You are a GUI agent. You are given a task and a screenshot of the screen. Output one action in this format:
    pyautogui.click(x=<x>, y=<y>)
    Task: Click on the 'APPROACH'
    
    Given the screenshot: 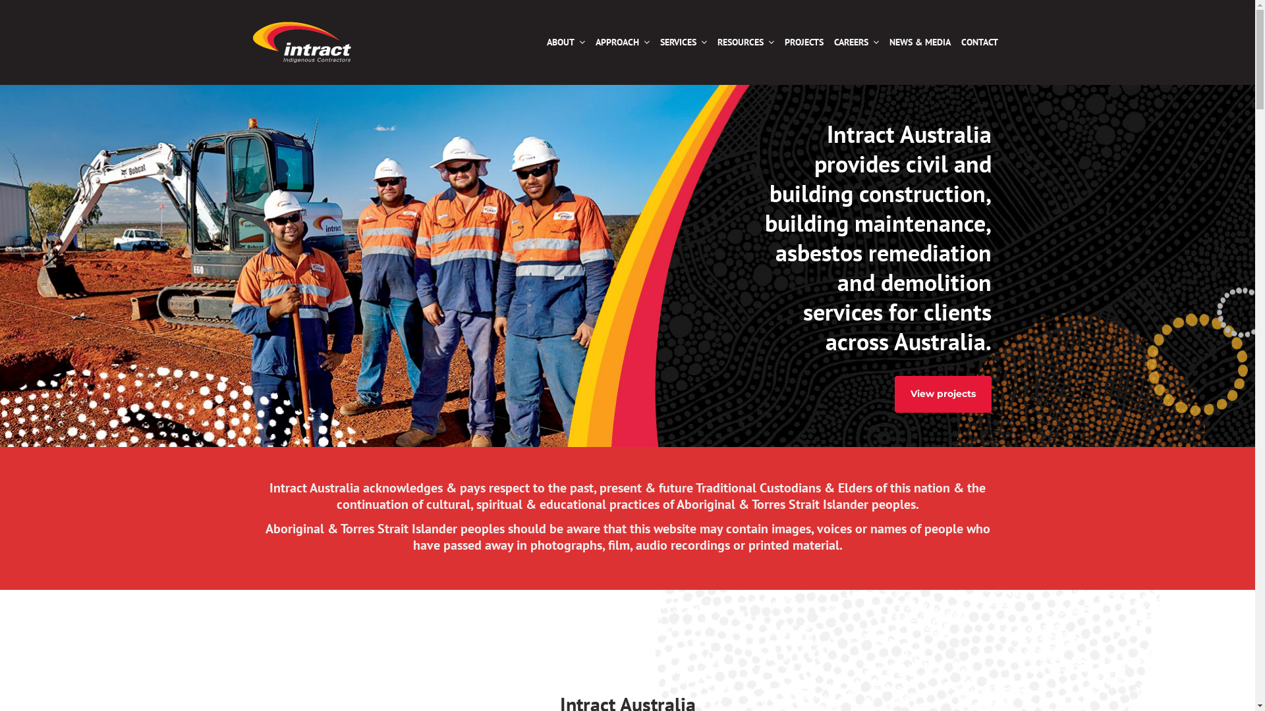 What is the action you would take?
    pyautogui.click(x=622, y=41)
    